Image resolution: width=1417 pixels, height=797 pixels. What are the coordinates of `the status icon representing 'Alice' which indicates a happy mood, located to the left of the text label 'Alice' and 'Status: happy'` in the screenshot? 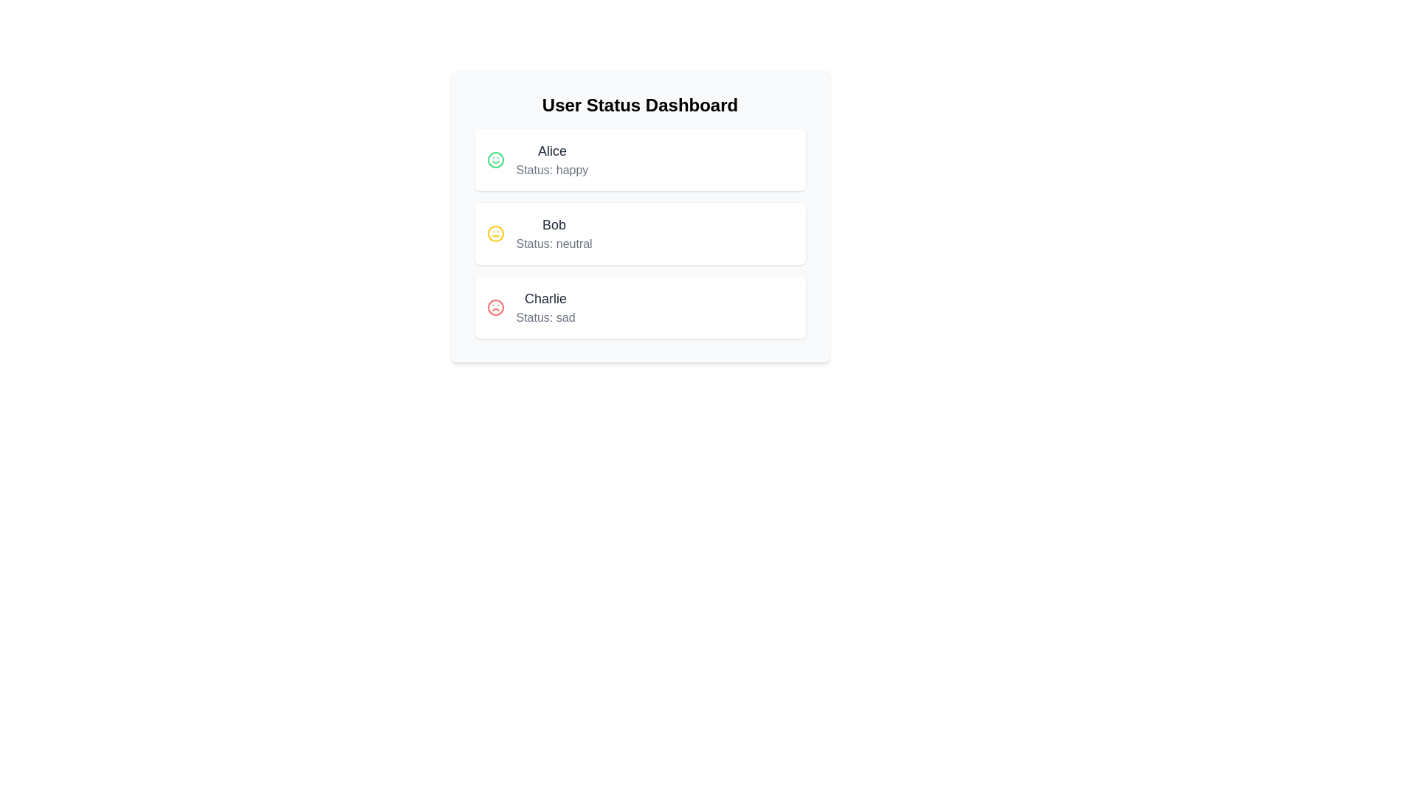 It's located at (495, 159).